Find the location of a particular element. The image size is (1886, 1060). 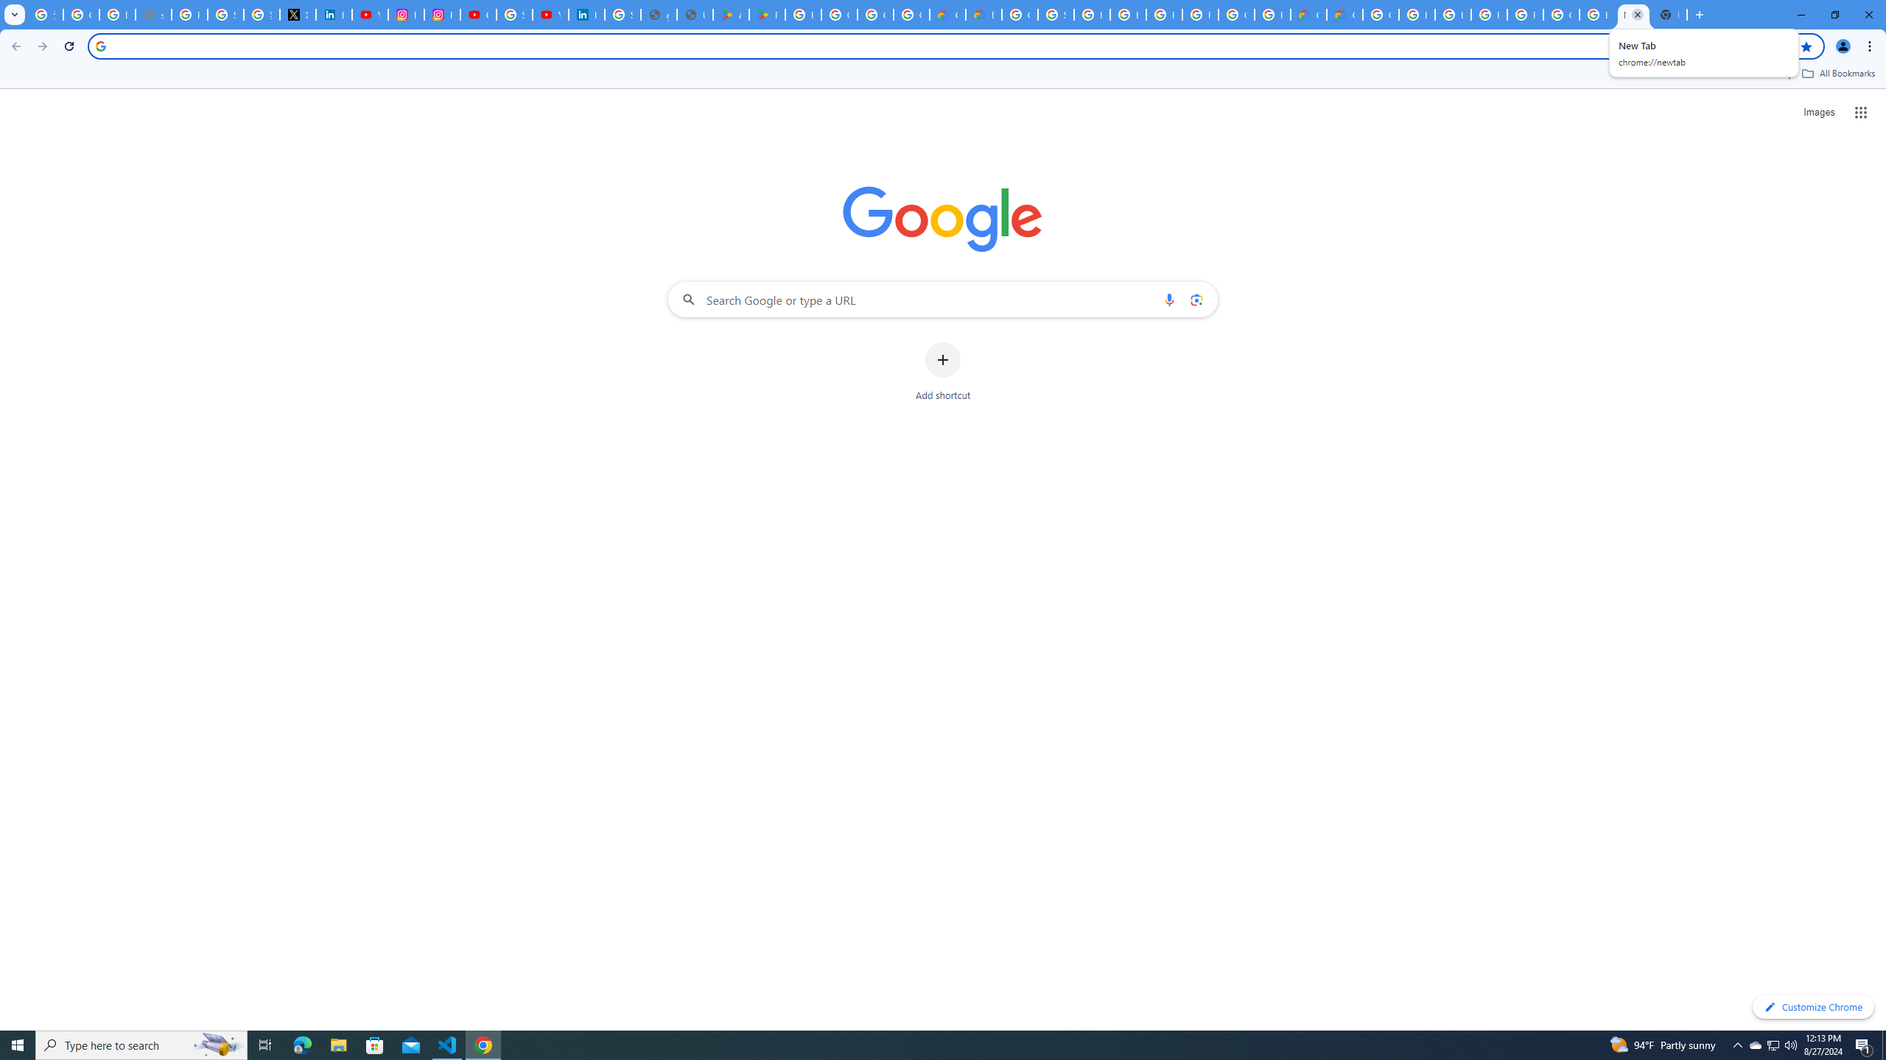

'Sign in - Google Accounts' is located at coordinates (621, 14).